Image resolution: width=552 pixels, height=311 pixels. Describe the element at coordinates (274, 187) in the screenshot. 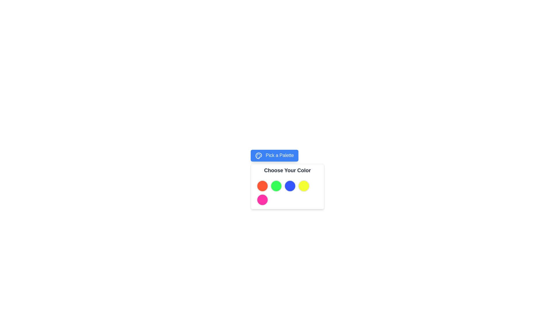

I see `the color button in the color selector component` at that location.